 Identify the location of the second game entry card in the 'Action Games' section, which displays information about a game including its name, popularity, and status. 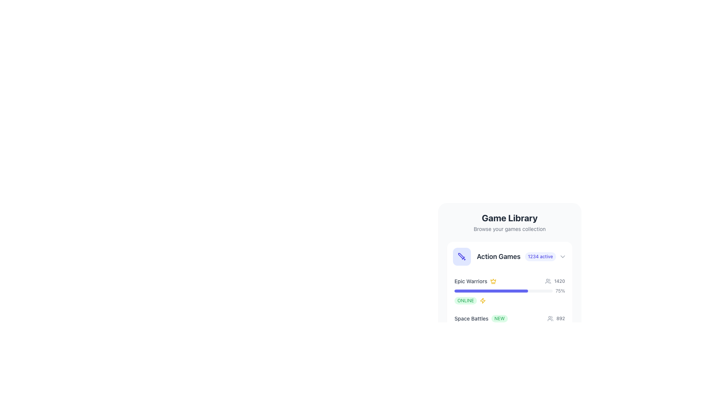
(509, 328).